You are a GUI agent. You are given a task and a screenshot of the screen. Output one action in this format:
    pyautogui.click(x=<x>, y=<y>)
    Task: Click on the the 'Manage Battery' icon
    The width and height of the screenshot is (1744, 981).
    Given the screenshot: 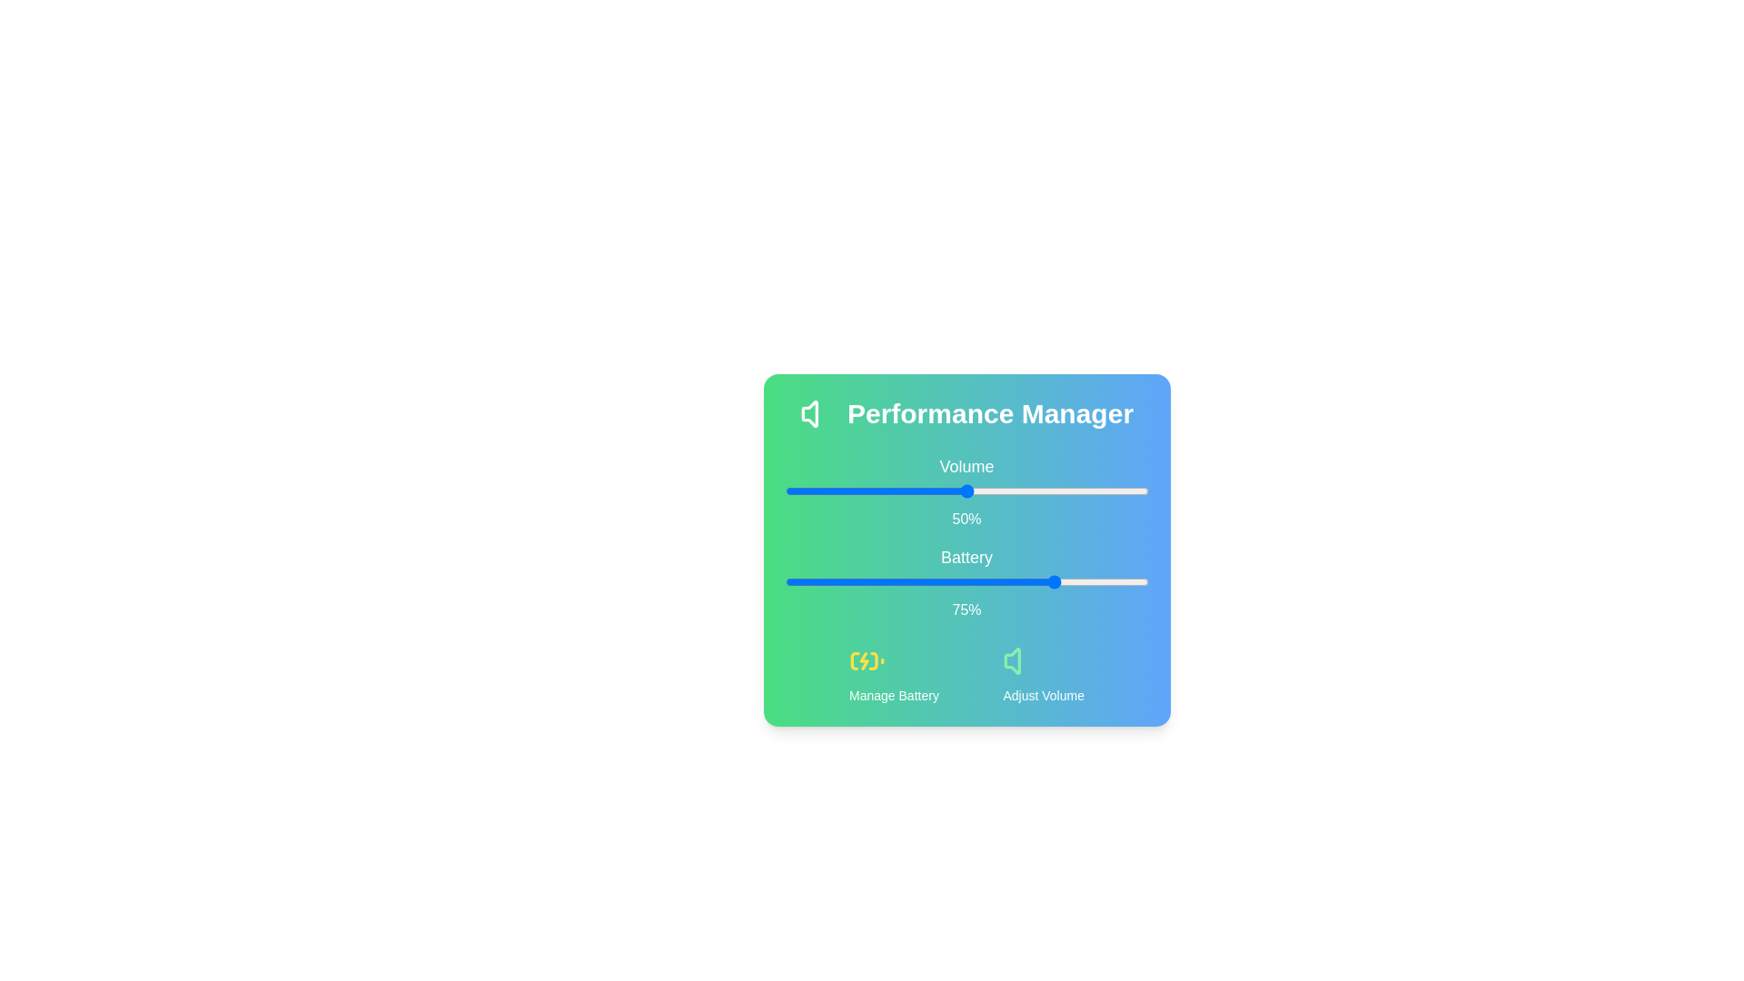 What is the action you would take?
    pyautogui.click(x=867, y=661)
    